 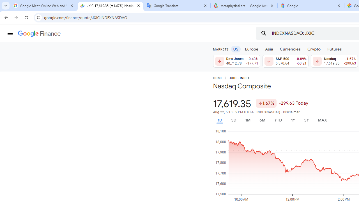 I want to click on 'US', so click(x=236, y=49).